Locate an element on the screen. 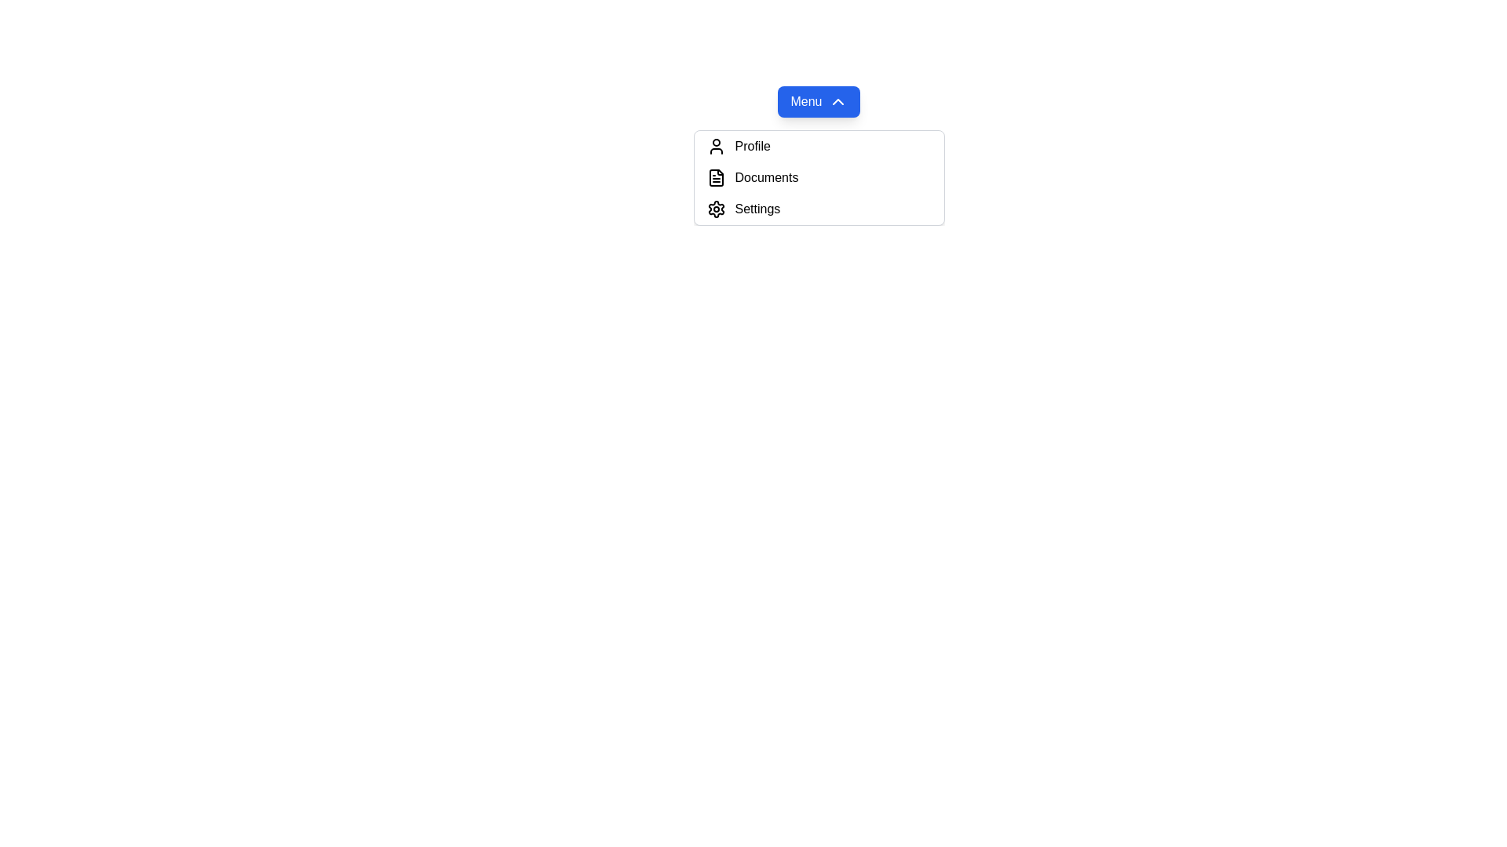  the upward-pointing chevron icon that is part of the blue button labeled 'Menu', located to the right of the text 'Menu' is located at coordinates (837, 102).